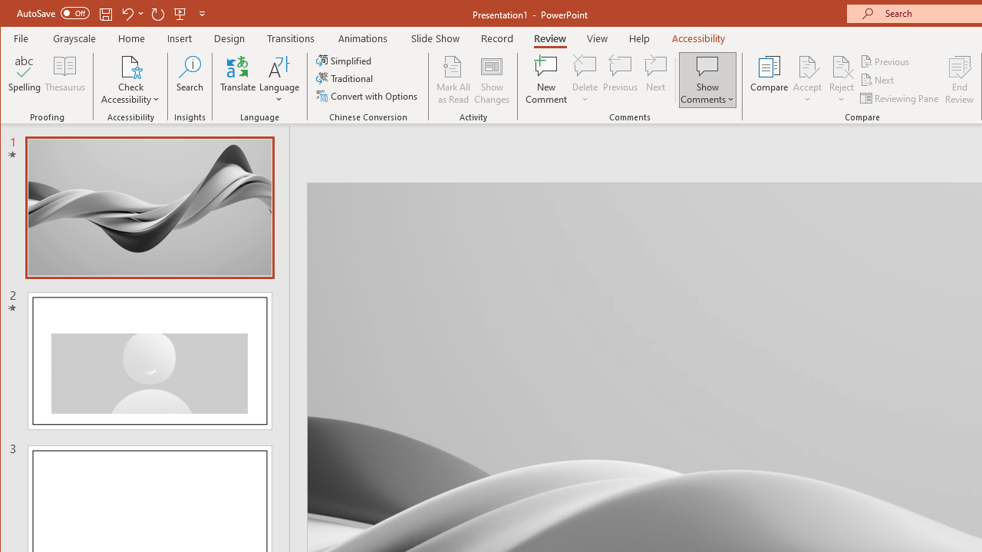  What do you see at coordinates (362, 38) in the screenshot?
I see `'Animations'` at bounding box center [362, 38].